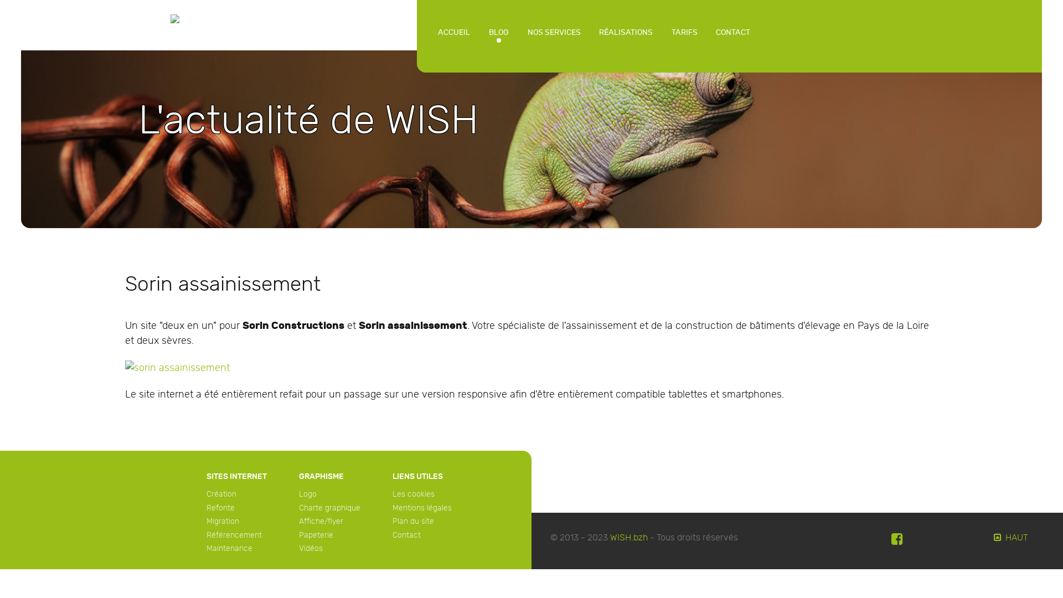 The height and width of the screenshot is (598, 1063). What do you see at coordinates (684, 32) in the screenshot?
I see `'TARIFS'` at bounding box center [684, 32].